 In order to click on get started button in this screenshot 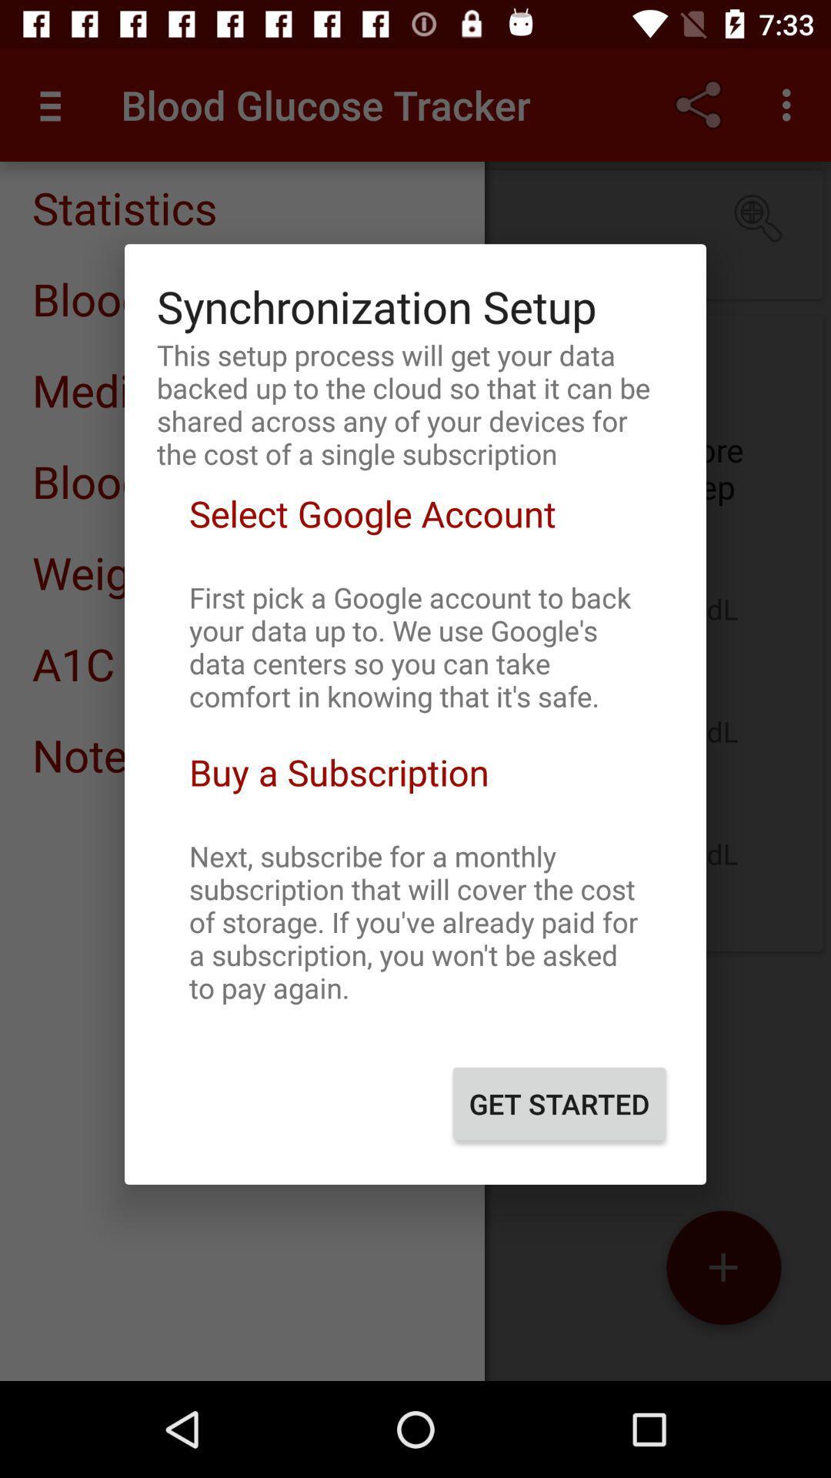, I will do `click(559, 1103)`.